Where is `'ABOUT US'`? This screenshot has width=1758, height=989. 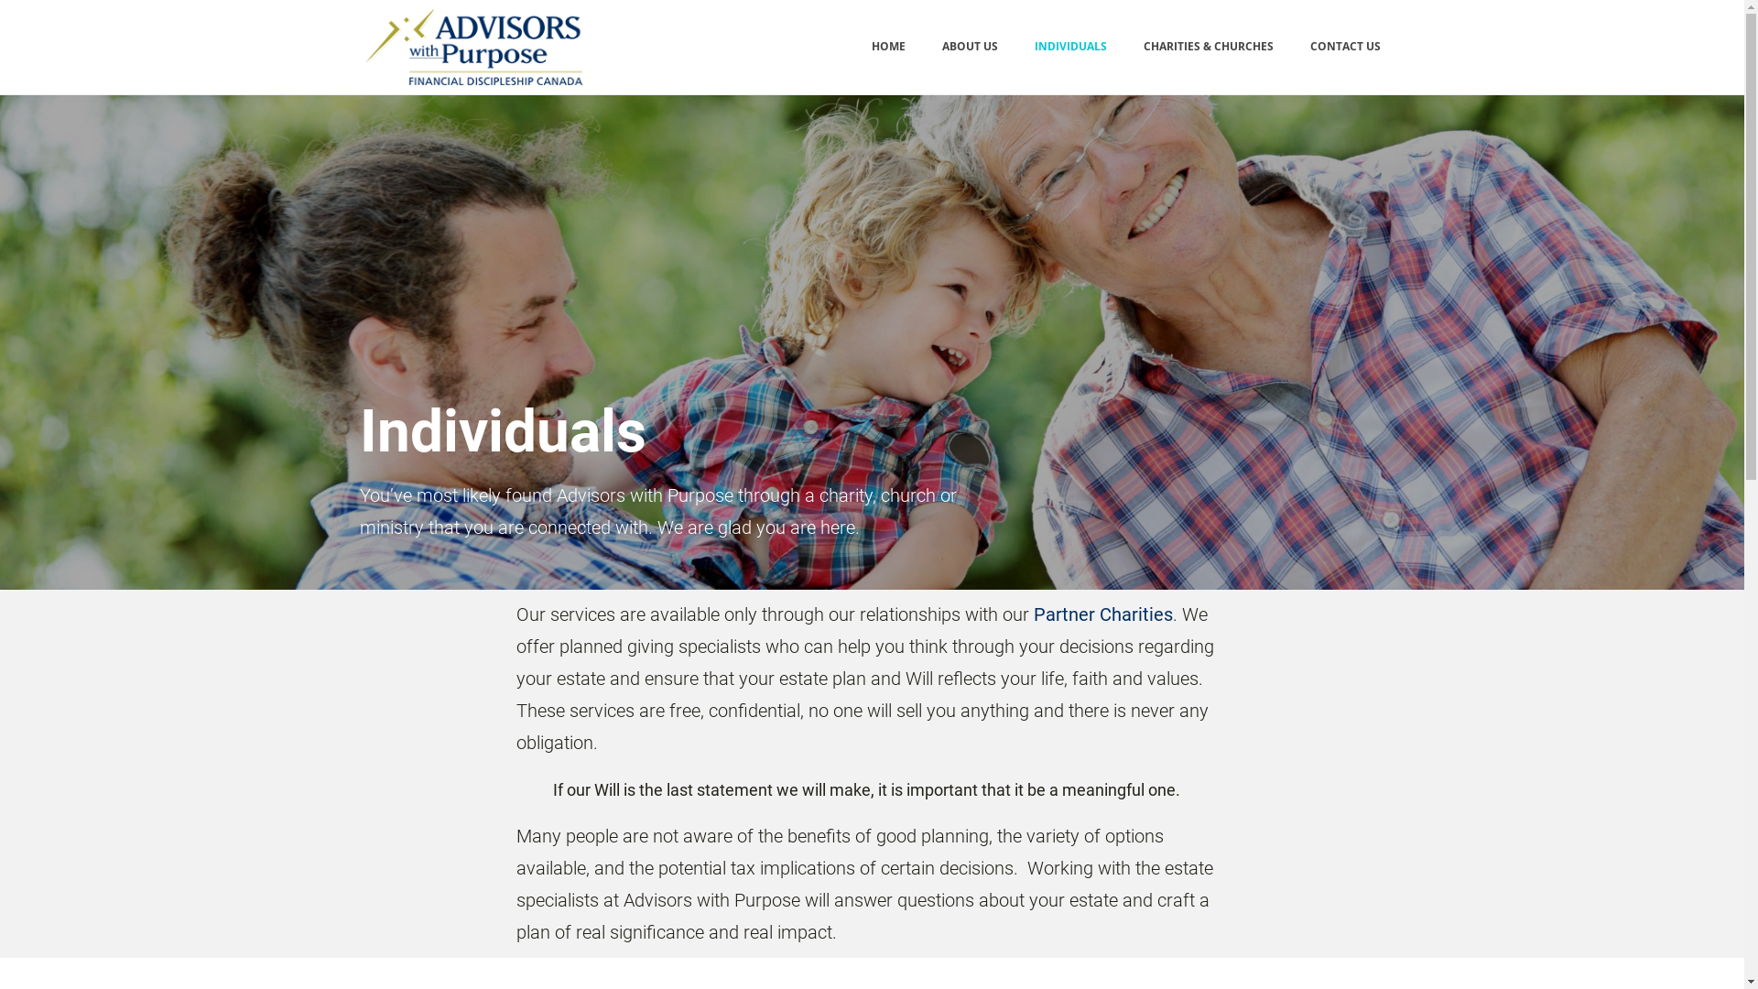
'ABOUT US' is located at coordinates (969, 46).